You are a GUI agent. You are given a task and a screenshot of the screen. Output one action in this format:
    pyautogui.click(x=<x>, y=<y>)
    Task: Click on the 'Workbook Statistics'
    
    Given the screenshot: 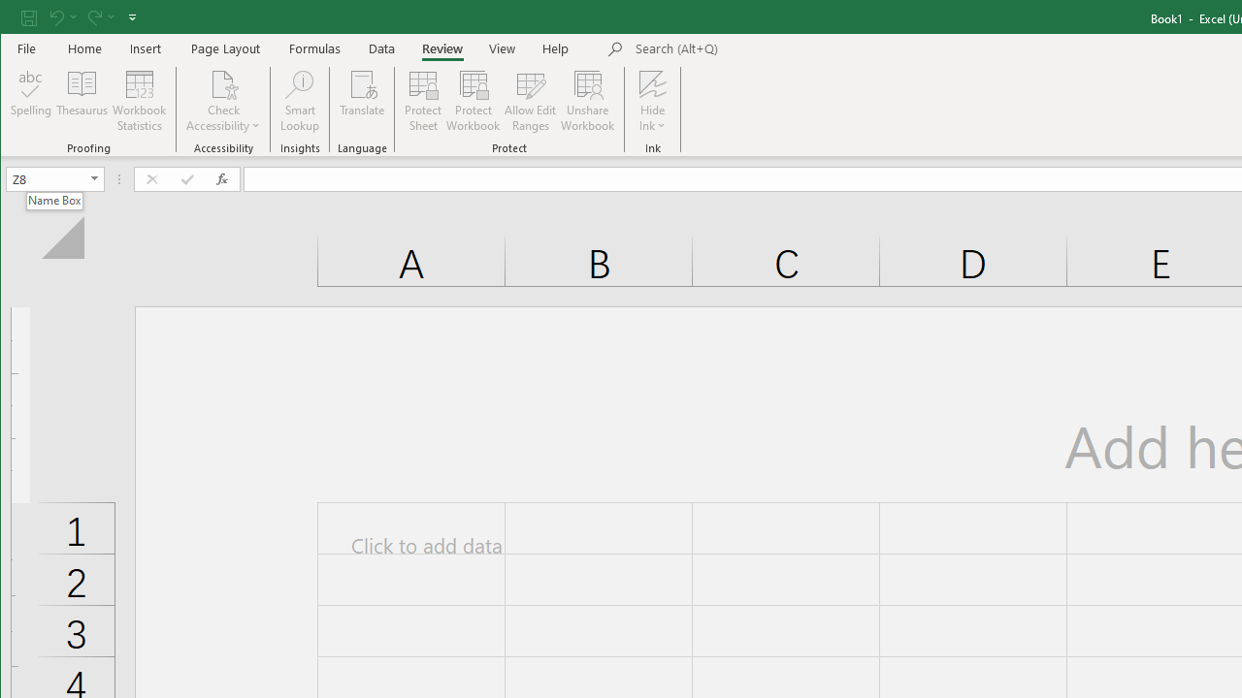 What is the action you would take?
    pyautogui.click(x=139, y=101)
    